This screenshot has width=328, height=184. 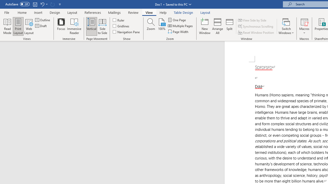 I want to click on 'Arrange All', so click(x=218, y=26).